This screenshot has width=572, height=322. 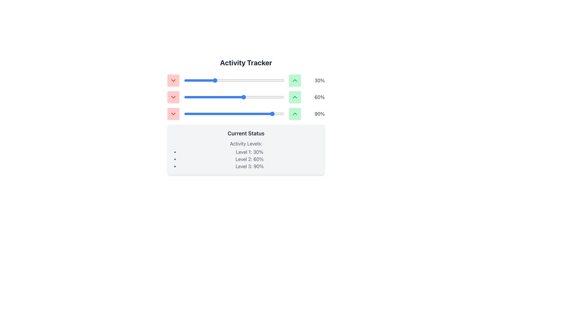 What do you see at coordinates (173, 114) in the screenshot?
I see `the third downward-facing chevron icon button, which is bold red and located within a light red rounded rectangular button, for tooltip or visual feedback` at bounding box center [173, 114].